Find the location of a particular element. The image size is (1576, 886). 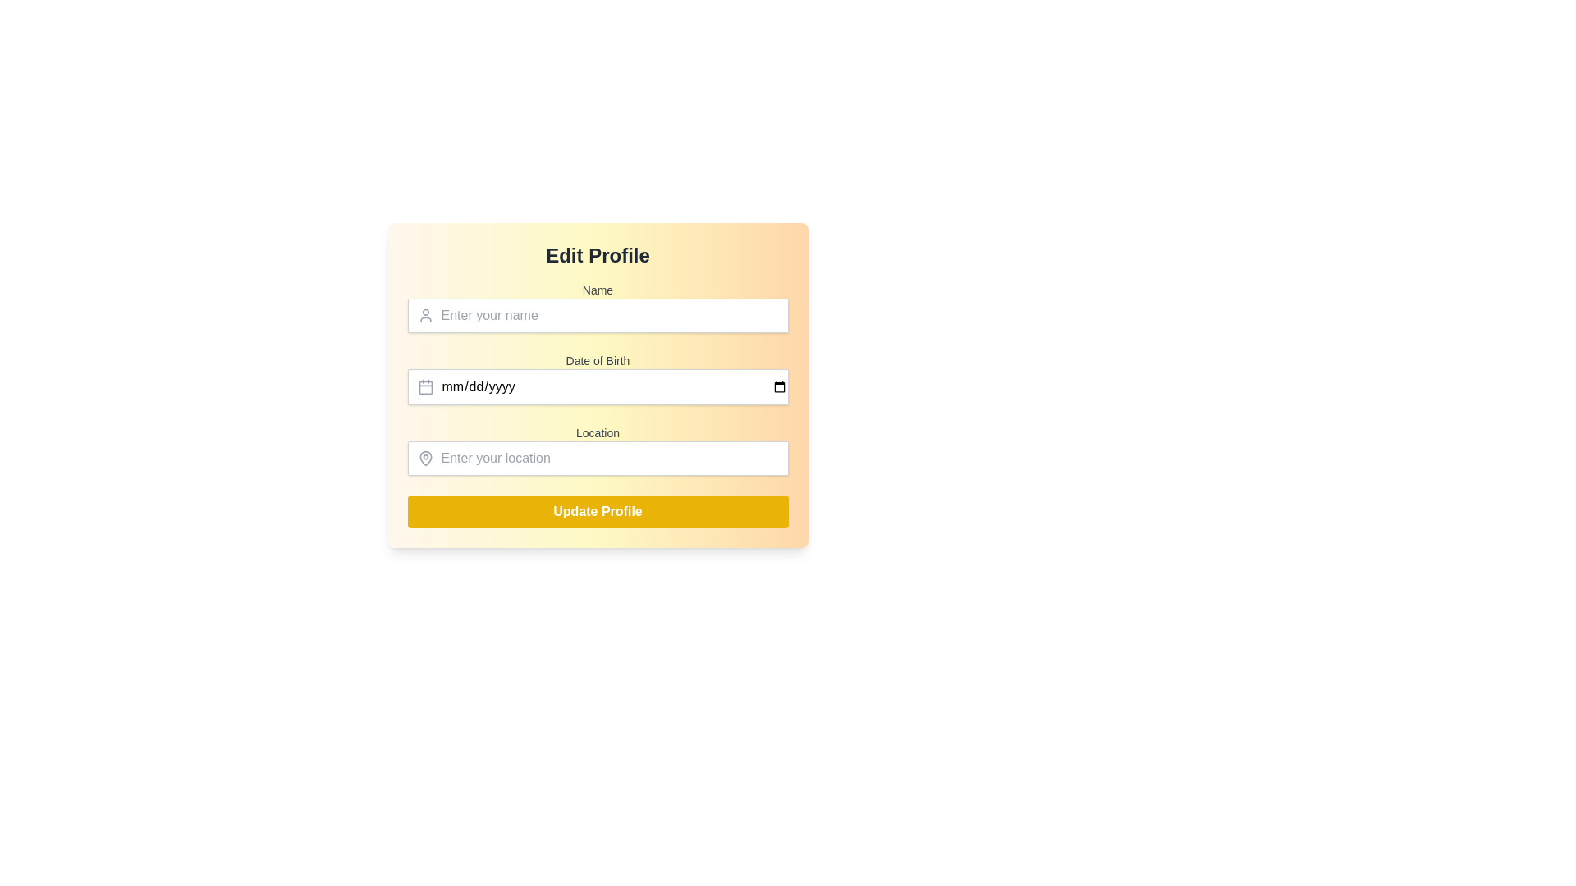

the date of birth input field, which is the second input field in the form is located at coordinates (597, 379).